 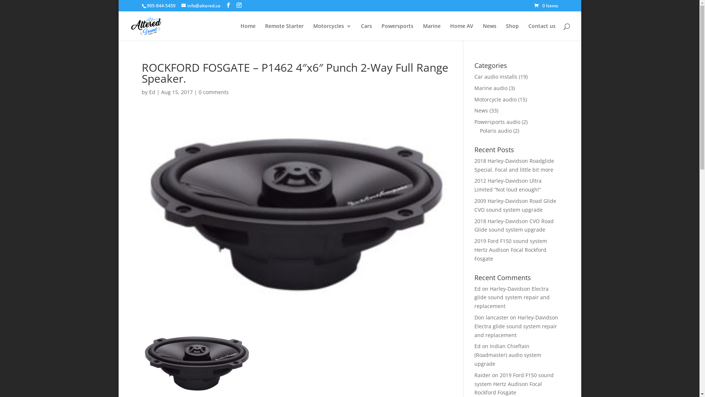 What do you see at coordinates (507, 354) in the screenshot?
I see `'Indian Chieftain (Roadmaster) audio system upgrade'` at bounding box center [507, 354].